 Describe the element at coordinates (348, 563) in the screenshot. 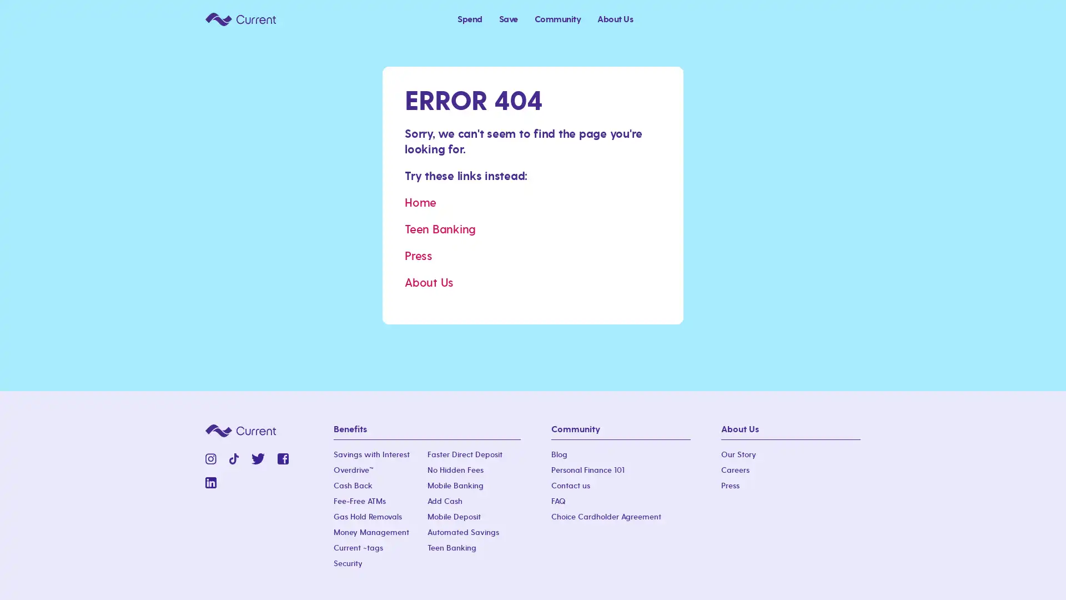

I see `Security` at that location.